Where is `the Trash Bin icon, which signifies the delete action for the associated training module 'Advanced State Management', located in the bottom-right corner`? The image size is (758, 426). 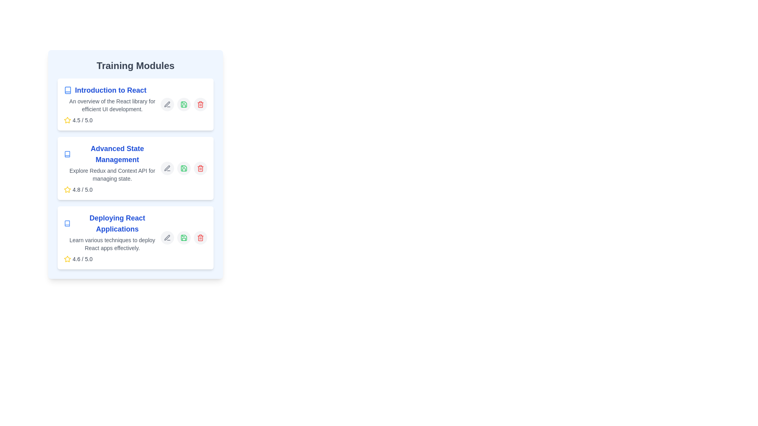
the Trash Bin icon, which signifies the delete action for the associated training module 'Advanced State Management', located in the bottom-right corner is located at coordinates (201, 168).